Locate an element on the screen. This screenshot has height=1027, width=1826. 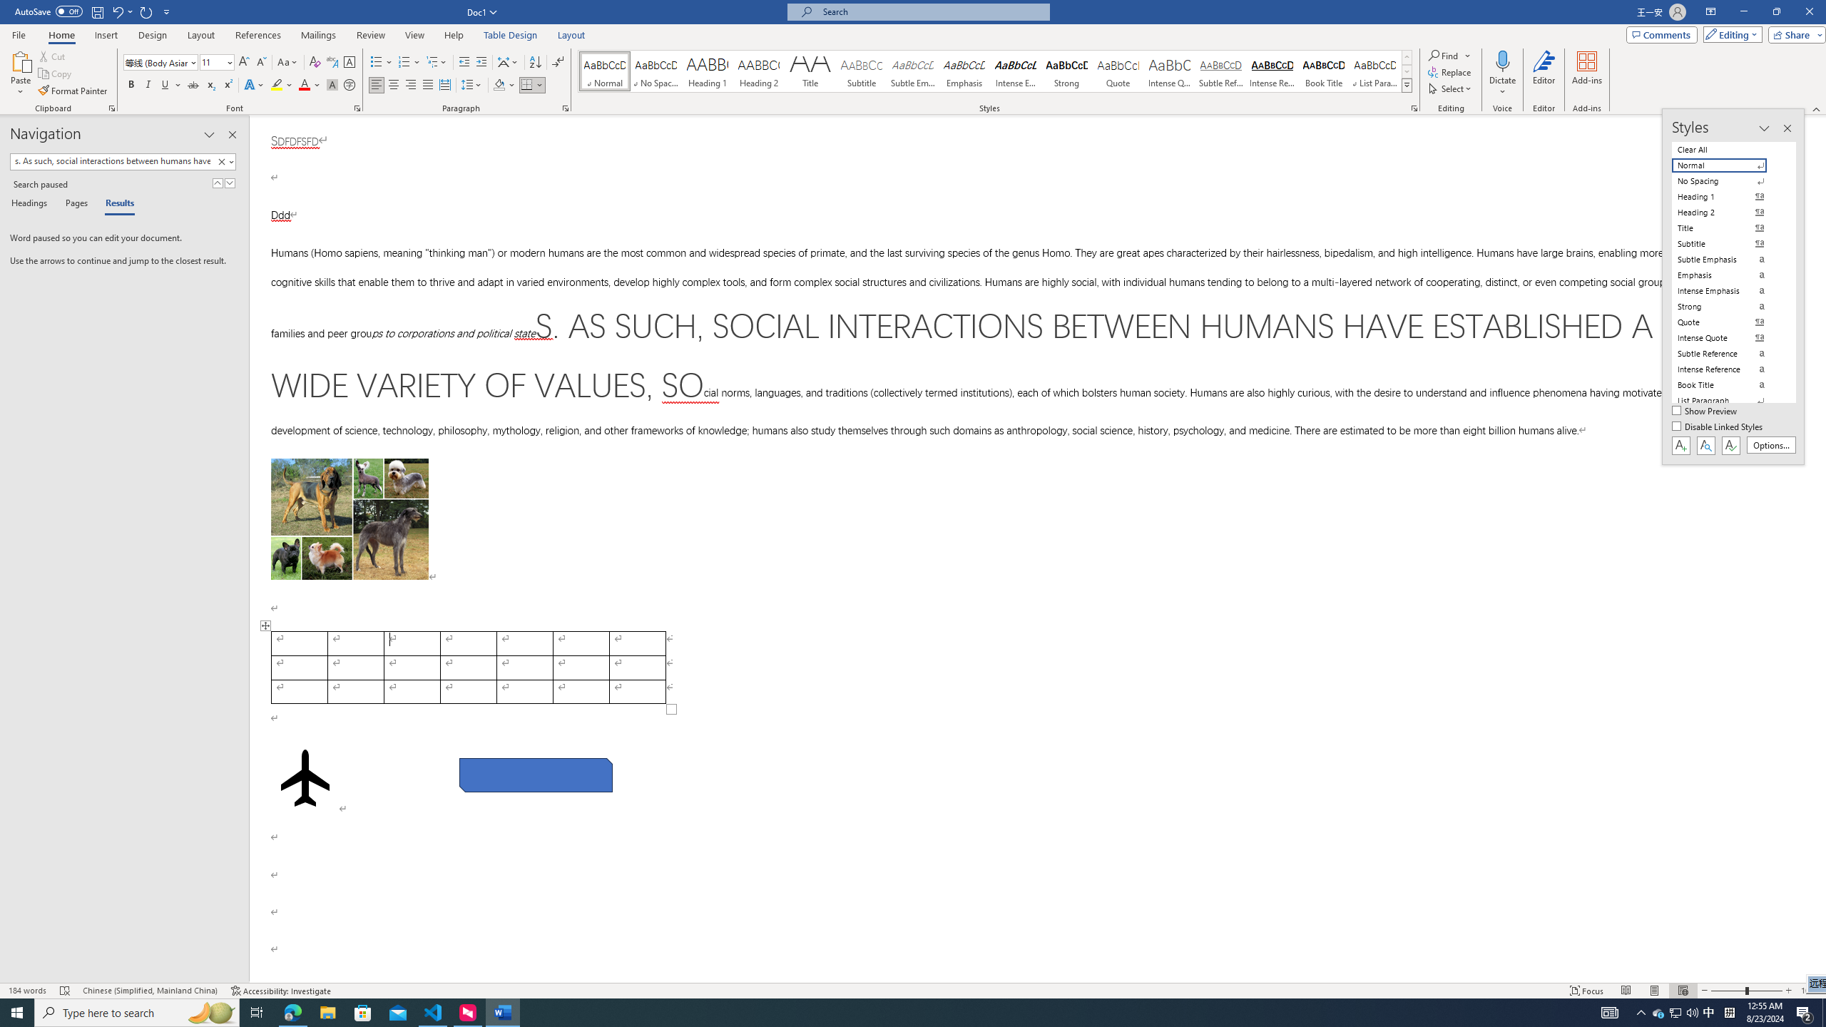
'Superscript' is located at coordinates (226, 84).